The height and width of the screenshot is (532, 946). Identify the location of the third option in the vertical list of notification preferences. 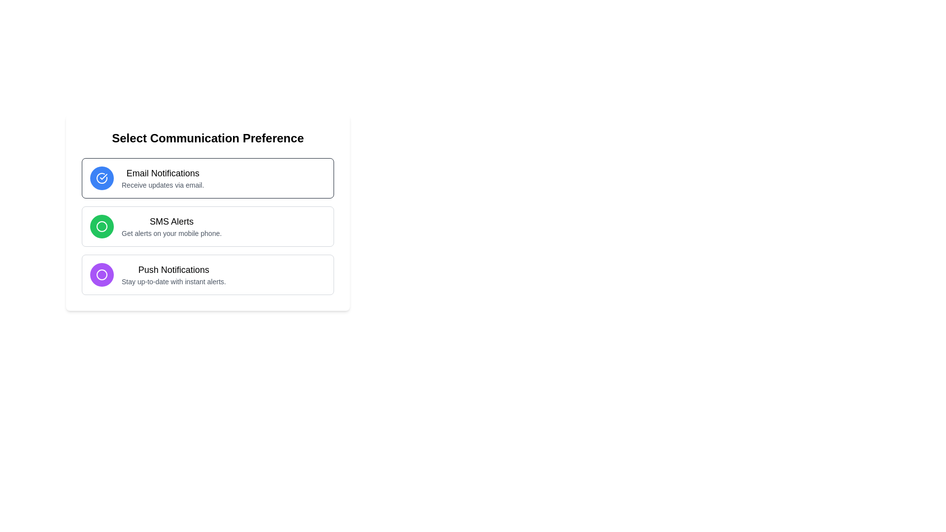
(207, 275).